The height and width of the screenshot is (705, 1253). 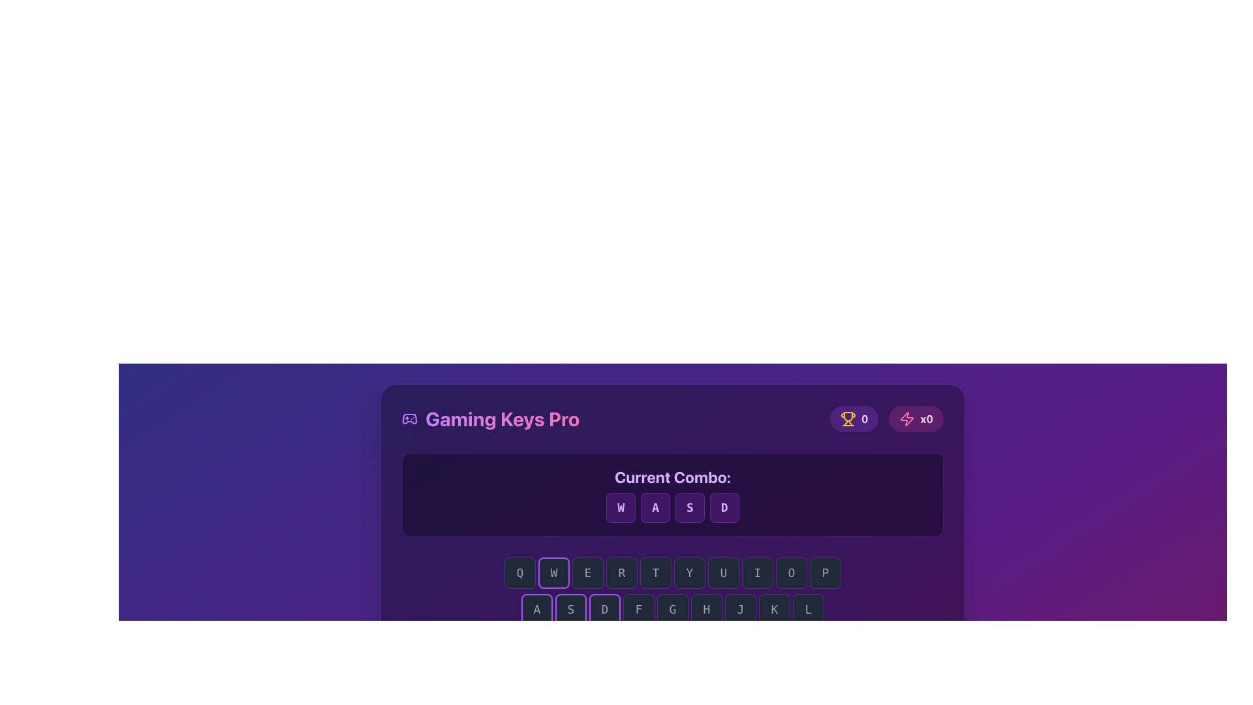 I want to click on the square button with a dark gray background, purple border, and the letter 'D' in light gray font, positioned between buttons 'A', 'S' and 'F', so click(x=604, y=609).